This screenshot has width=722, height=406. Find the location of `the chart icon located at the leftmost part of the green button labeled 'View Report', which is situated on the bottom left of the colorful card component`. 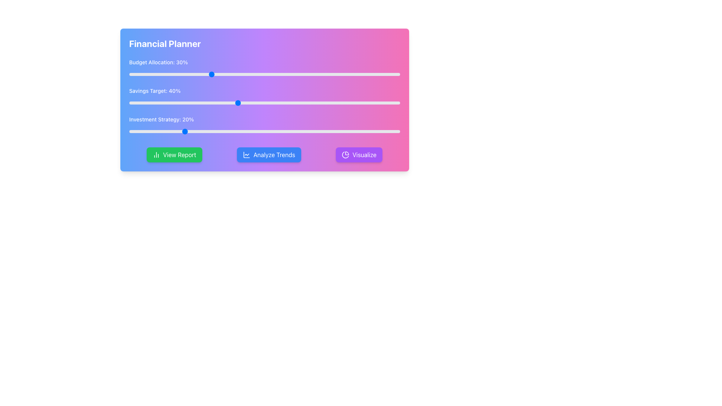

the chart icon located at the leftmost part of the green button labeled 'View Report', which is situated on the bottom left of the colorful card component is located at coordinates (156, 155).